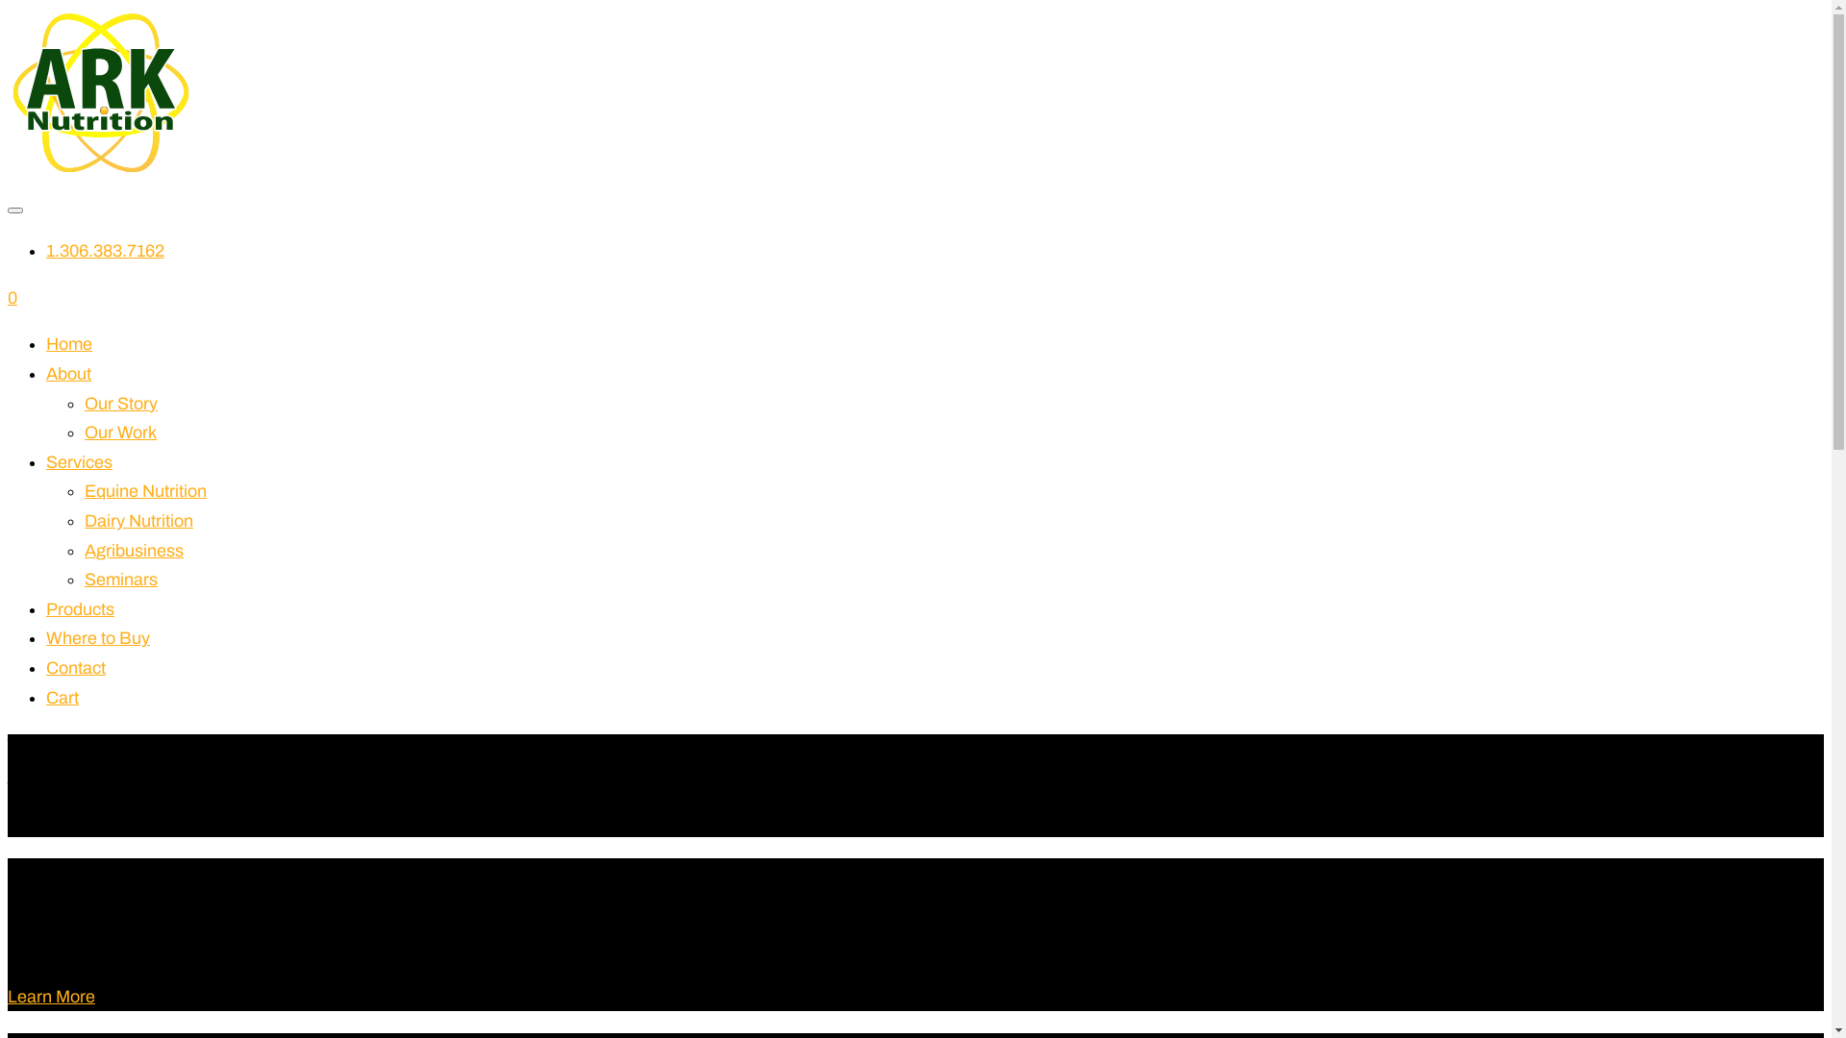 The height and width of the screenshot is (1038, 1846). What do you see at coordinates (69, 343) in the screenshot?
I see `'Home'` at bounding box center [69, 343].